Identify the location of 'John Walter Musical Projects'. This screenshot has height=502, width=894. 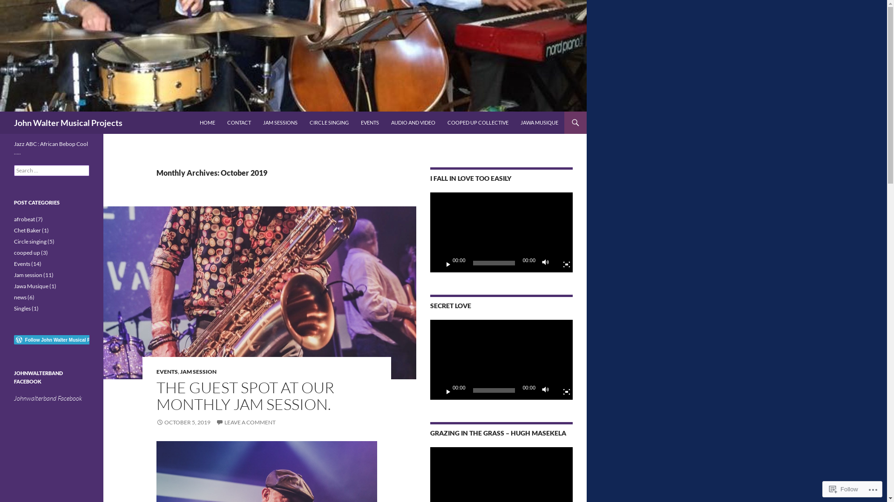
(68, 122).